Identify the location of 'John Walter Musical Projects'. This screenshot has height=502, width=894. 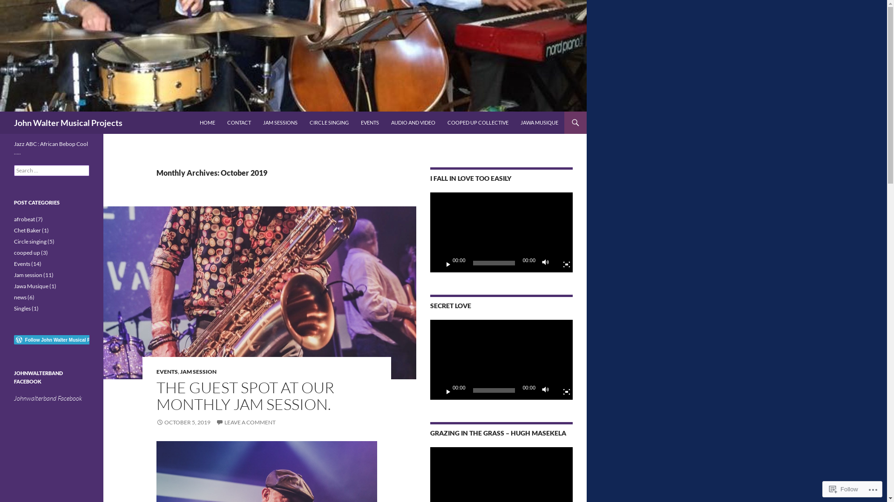
(68, 122).